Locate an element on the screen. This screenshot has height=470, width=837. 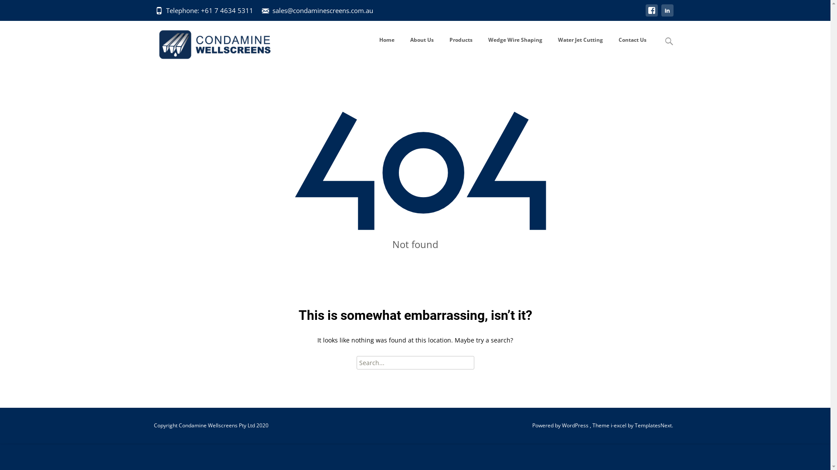
'linkedin' is located at coordinates (667, 14).